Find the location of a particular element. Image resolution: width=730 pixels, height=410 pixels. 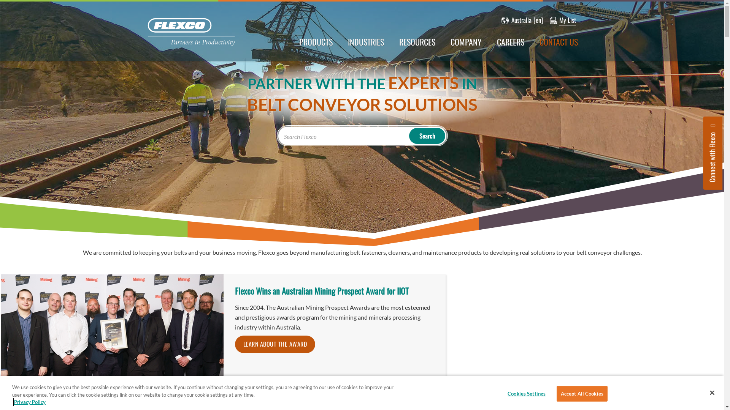

'RESOURCES' is located at coordinates (417, 45).